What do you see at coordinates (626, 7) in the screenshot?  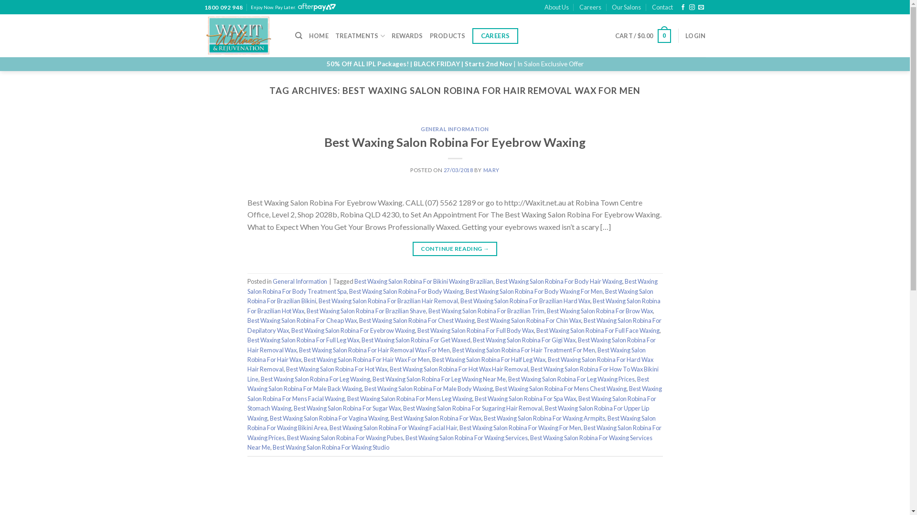 I see `'Our Salons'` at bounding box center [626, 7].